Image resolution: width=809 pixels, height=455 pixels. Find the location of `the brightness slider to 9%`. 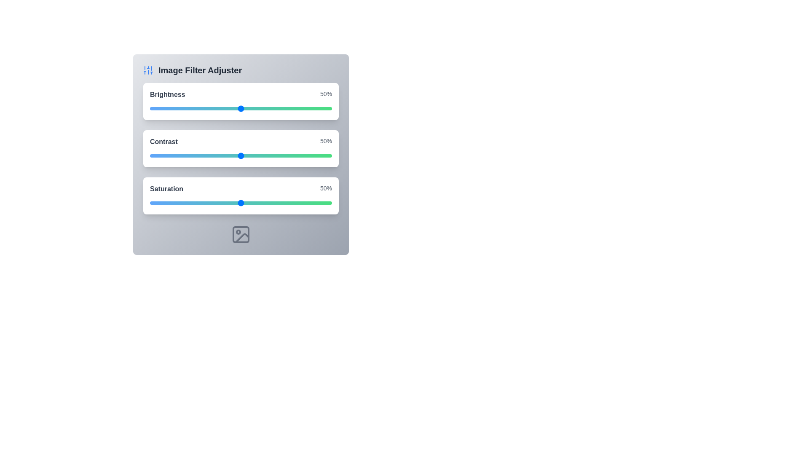

the brightness slider to 9% is located at coordinates (166, 108).